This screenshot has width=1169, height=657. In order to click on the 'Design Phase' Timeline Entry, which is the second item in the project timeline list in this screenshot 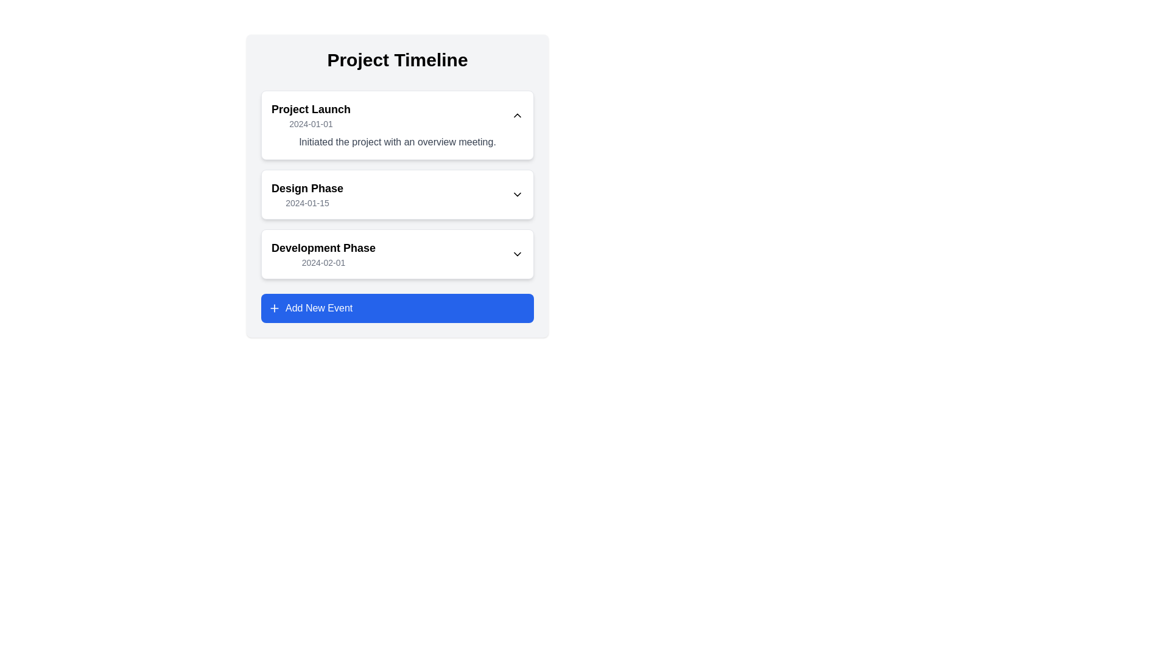, I will do `click(397, 185)`.